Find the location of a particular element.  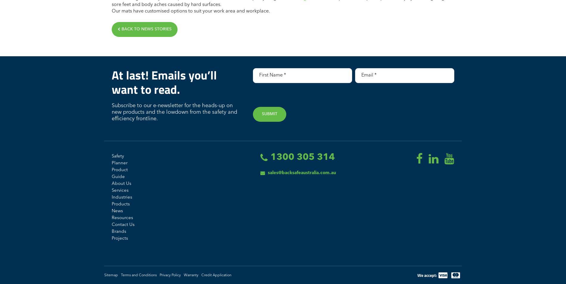

'Subscribe to our e-newsletter for the heads-up on new products and the lowdown from the safety and efficiency frontline.' is located at coordinates (174, 112).